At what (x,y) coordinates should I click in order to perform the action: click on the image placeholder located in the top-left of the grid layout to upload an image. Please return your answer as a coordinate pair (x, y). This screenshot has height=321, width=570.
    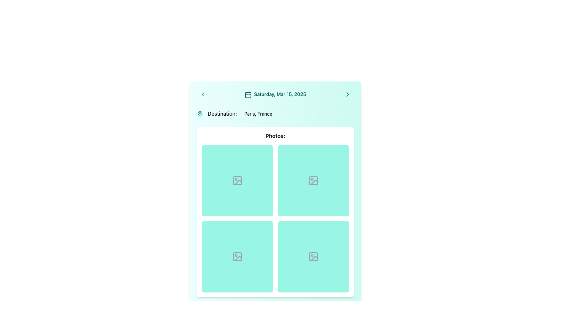
    Looking at the image, I should click on (237, 180).